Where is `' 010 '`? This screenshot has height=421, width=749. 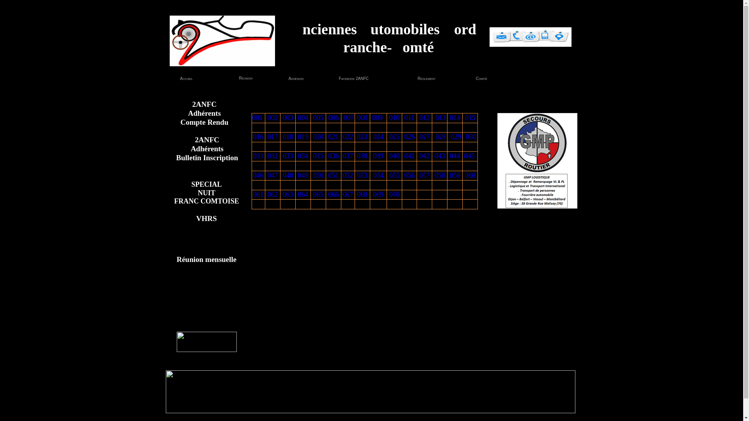 ' 010 ' is located at coordinates (394, 117).